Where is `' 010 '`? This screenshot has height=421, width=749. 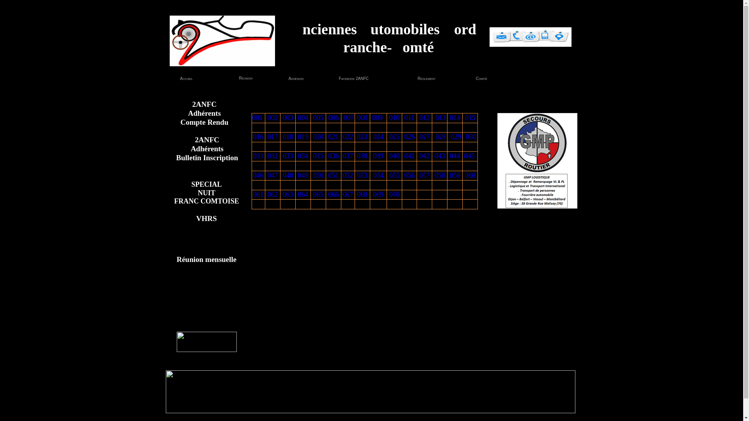 ' 010 ' is located at coordinates (394, 117).